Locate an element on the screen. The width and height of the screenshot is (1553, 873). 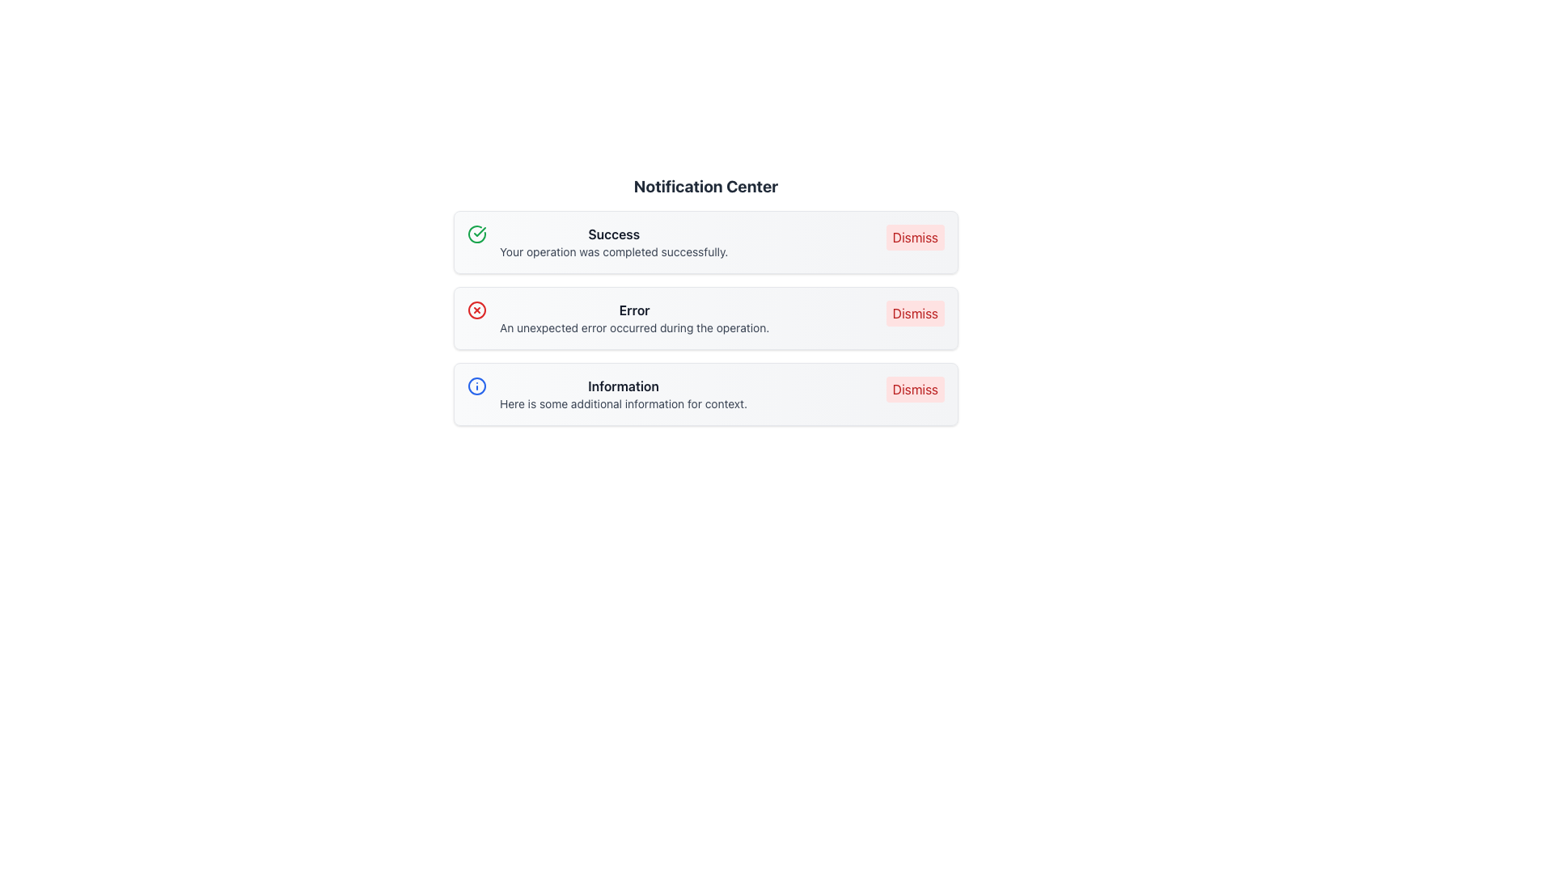
the second notification in the Notification Center that displays a bold 'Error' label and subtext indicating an unexpected error occurred is located at coordinates (633, 318).